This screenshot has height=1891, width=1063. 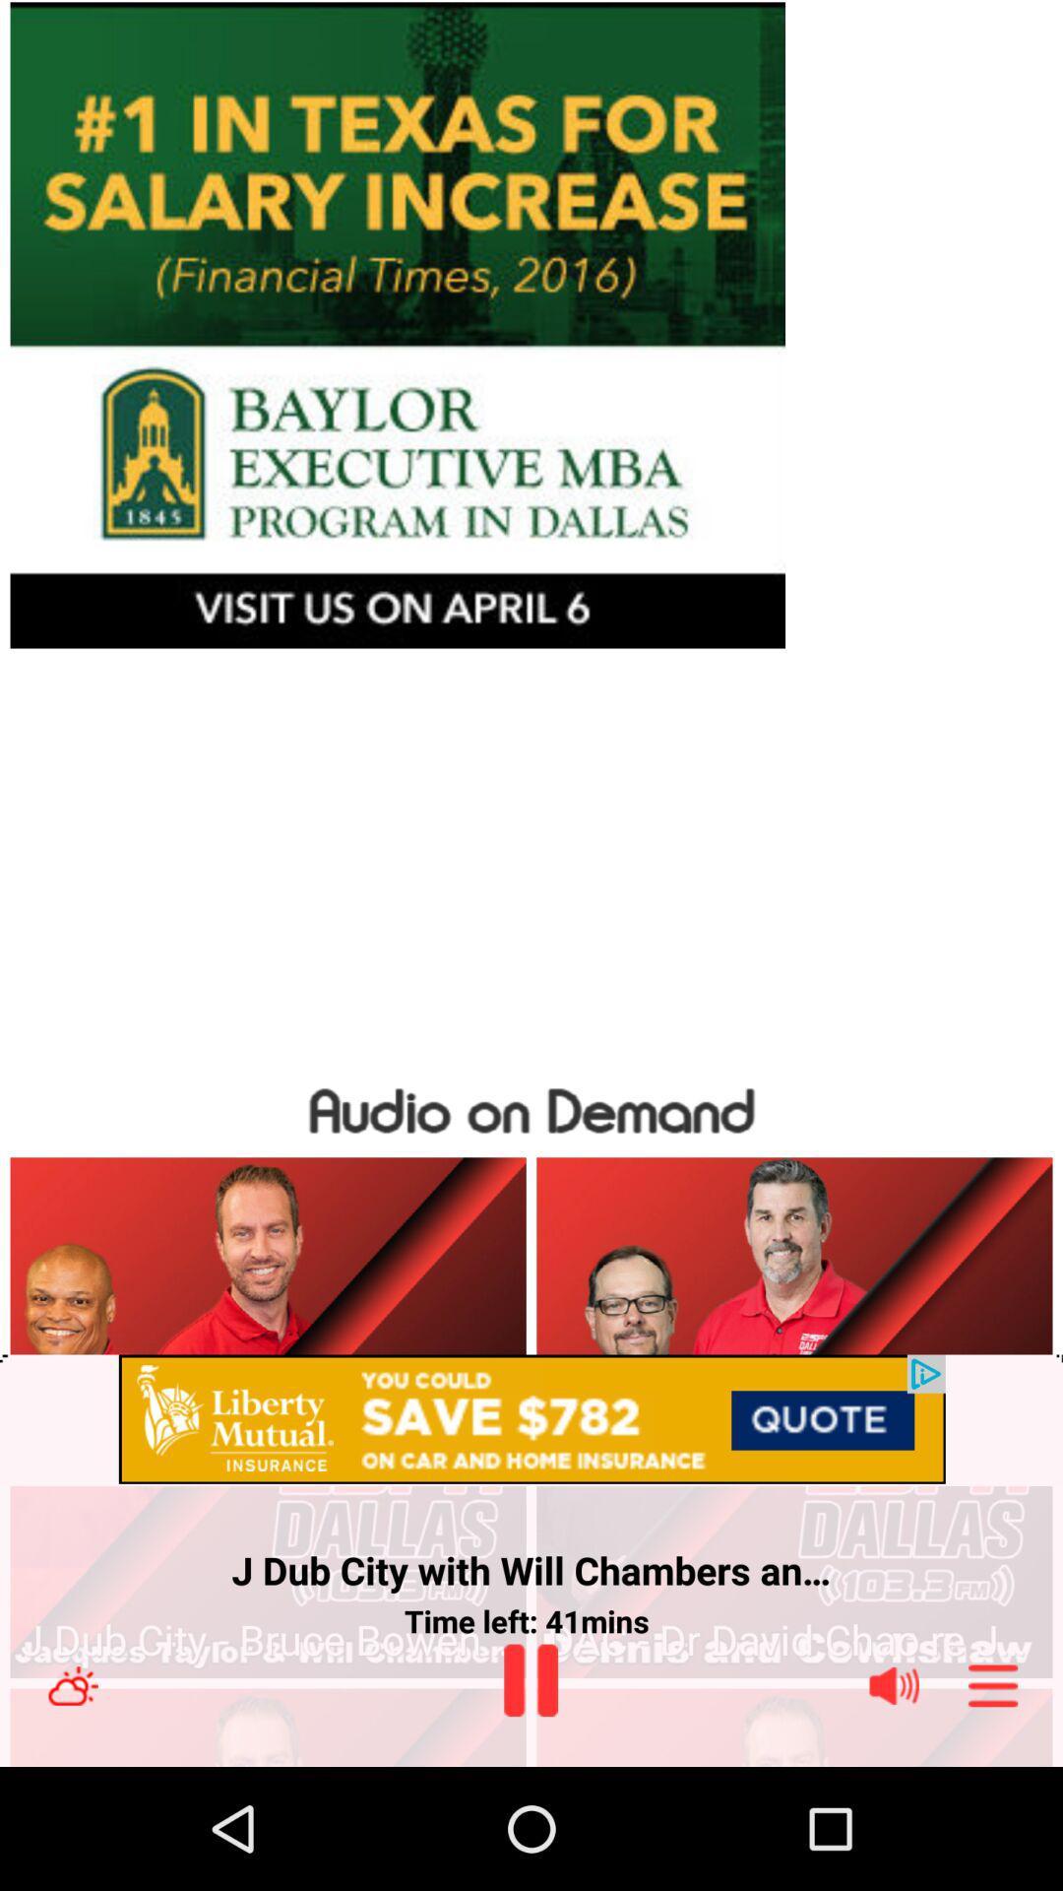 What do you see at coordinates (531, 1420) in the screenshot?
I see `this button indicates advertisements present in the program` at bounding box center [531, 1420].